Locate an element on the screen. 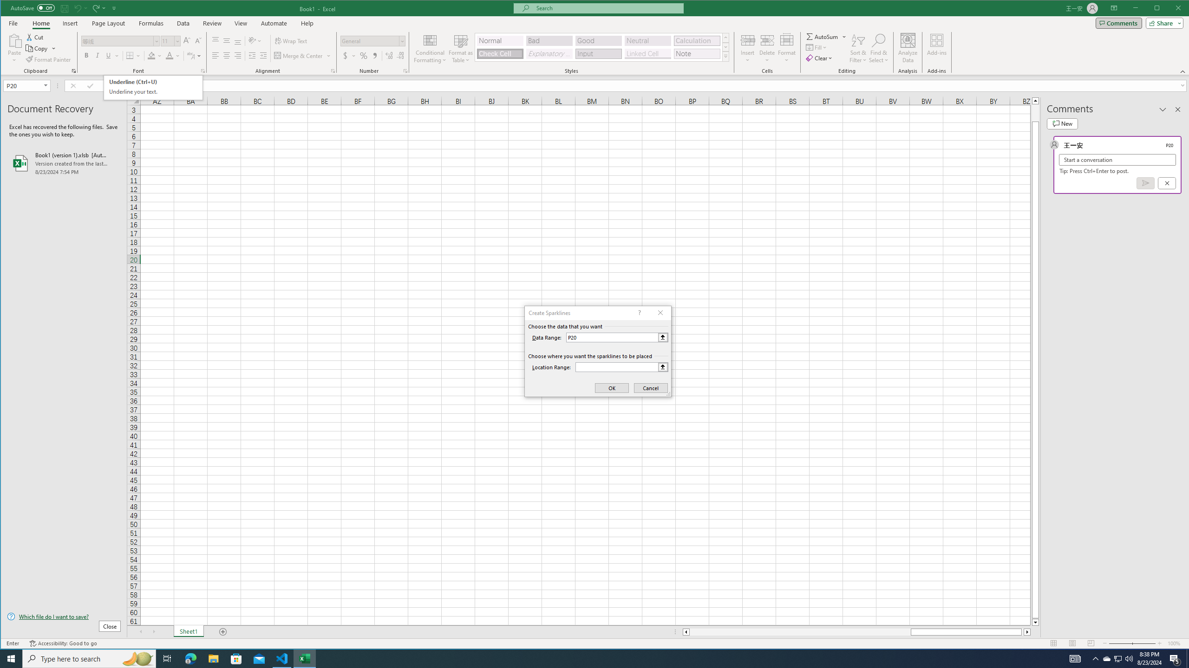  'Maximize' is located at coordinates (1170, 9).